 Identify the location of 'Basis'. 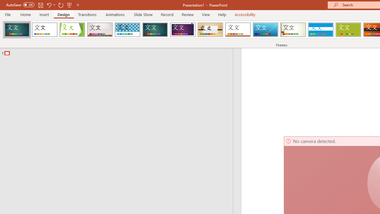
(348, 30).